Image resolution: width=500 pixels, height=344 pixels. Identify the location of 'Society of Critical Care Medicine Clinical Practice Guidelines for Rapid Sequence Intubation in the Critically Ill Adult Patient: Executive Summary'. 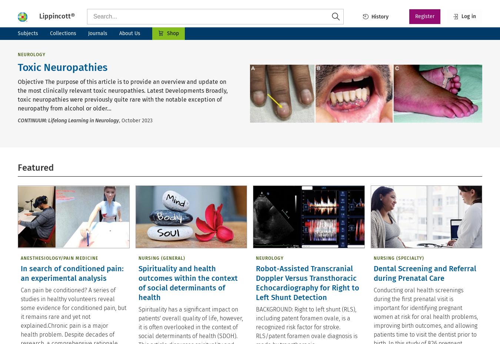
(359, 75).